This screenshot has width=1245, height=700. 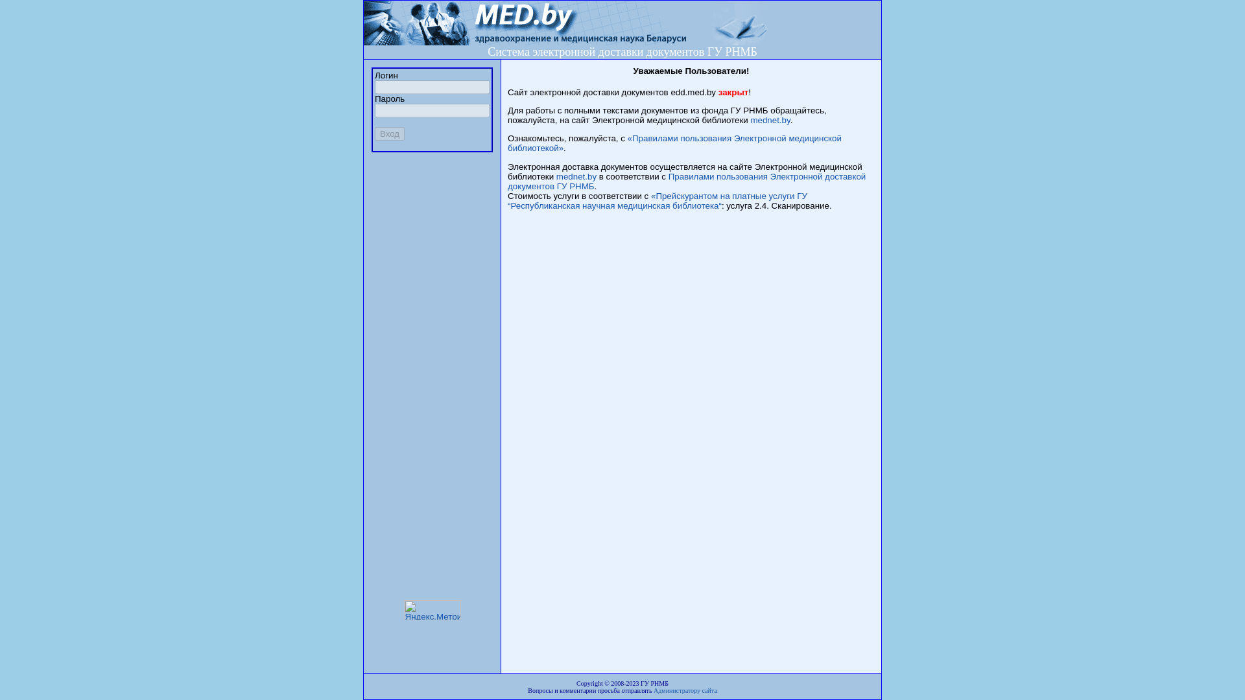 What do you see at coordinates (556, 176) in the screenshot?
I see `'mednet.by'` at bounding box center [556, 176].